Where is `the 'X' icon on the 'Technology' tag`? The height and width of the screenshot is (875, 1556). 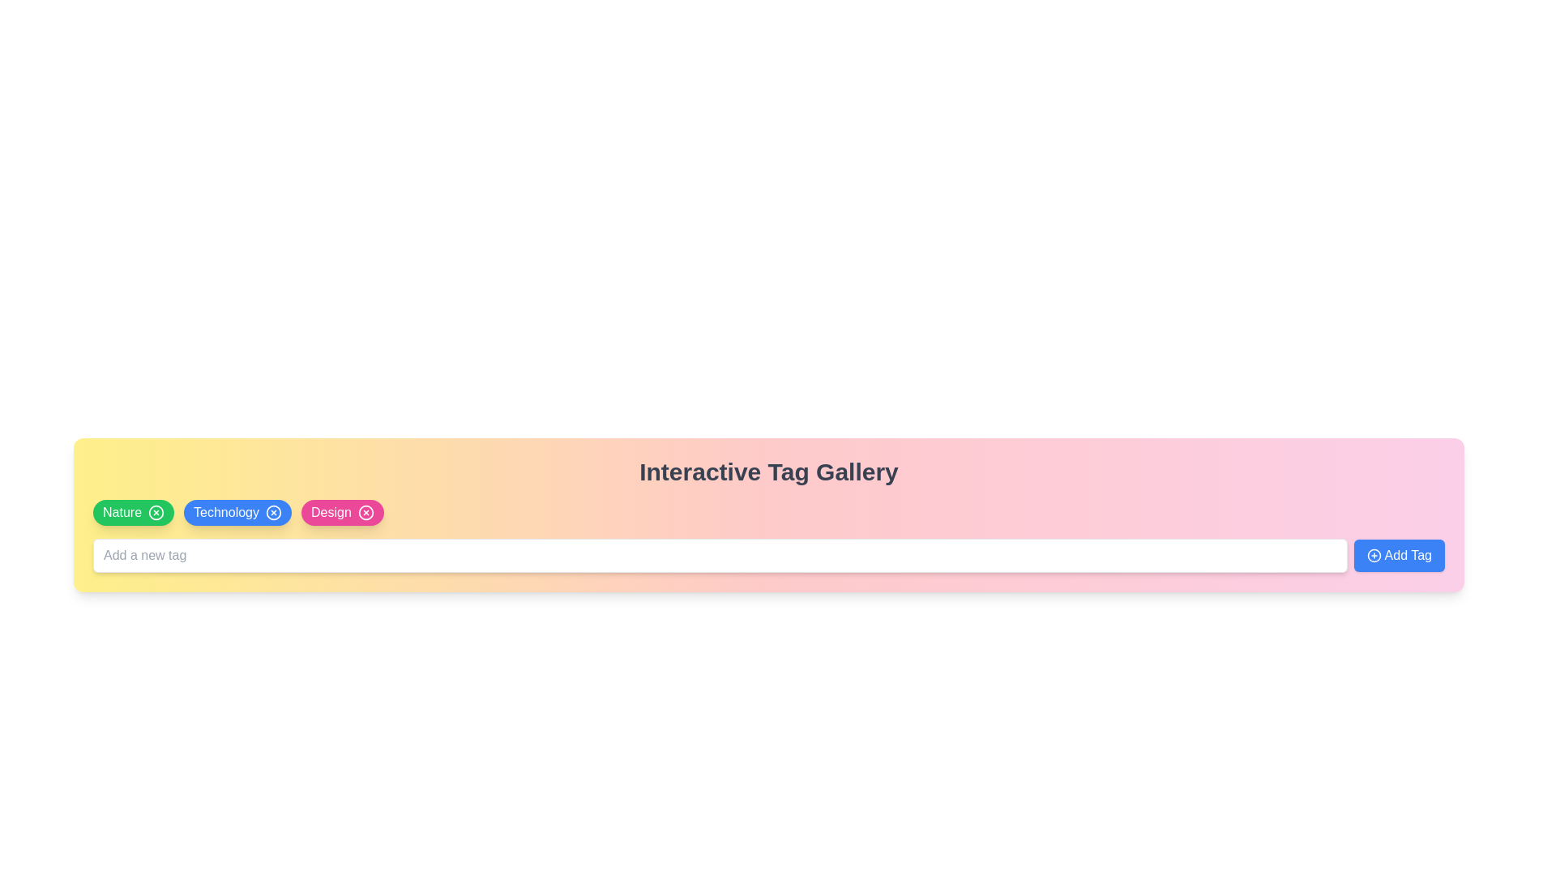 the 'X' icon on the 'Technology' tag is located at coordinates (237, 512).